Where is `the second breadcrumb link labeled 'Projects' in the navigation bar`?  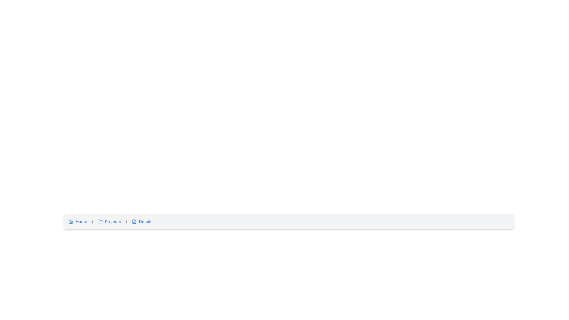
the second breadcrumb link labeled 'Projects' in the navigation bar is located at coordinates (109, 222).